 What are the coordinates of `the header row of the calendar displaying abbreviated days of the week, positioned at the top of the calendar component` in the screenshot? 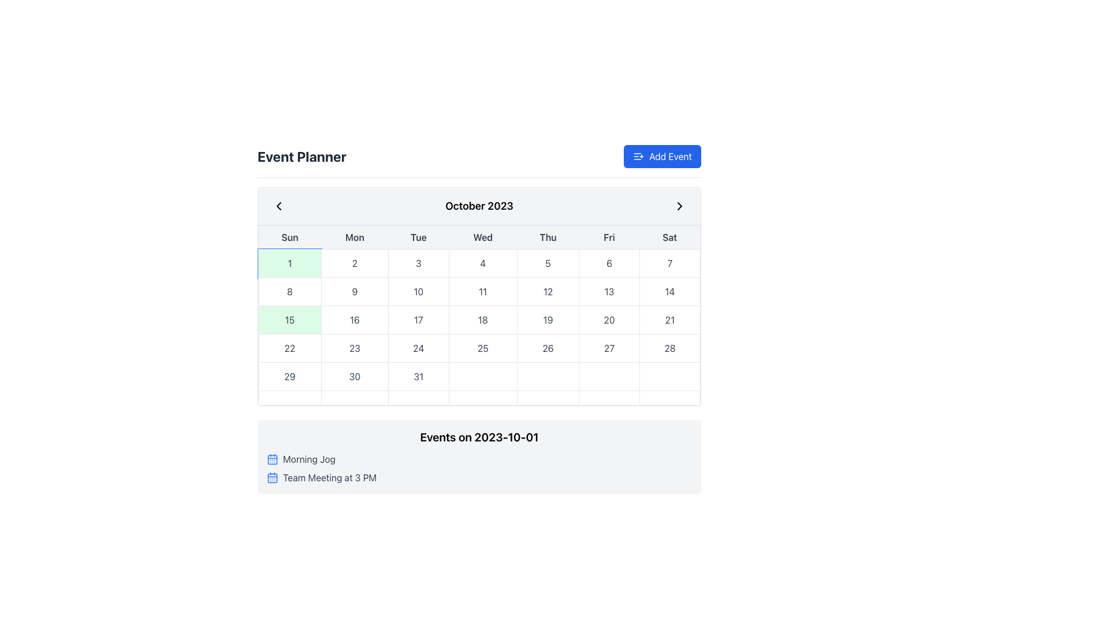 It's located at (479, 237).